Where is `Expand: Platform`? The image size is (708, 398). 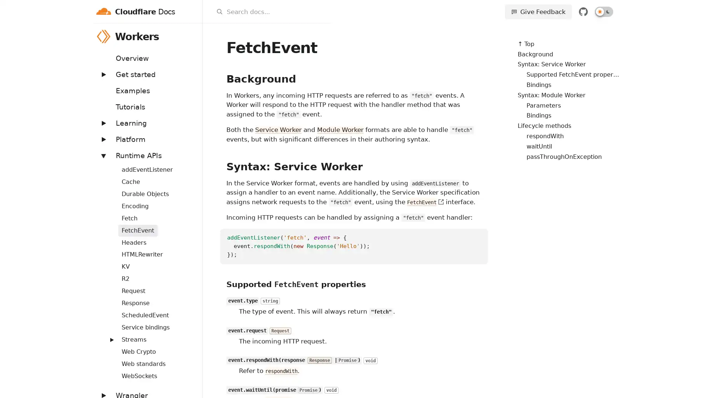
Expand: Platform is located at coordinates (103, 139).